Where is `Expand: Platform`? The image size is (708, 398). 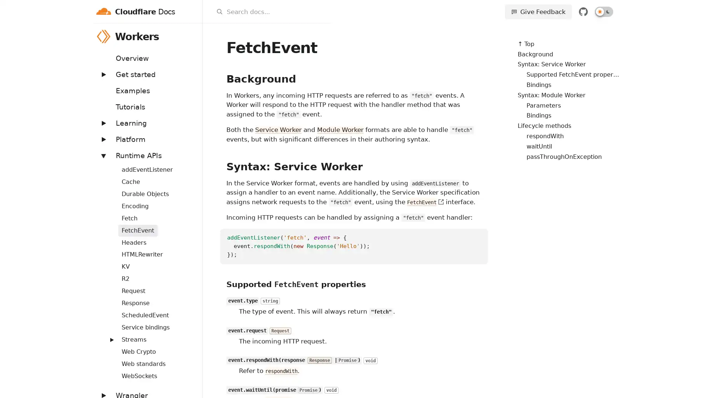
Expand: Platform is located at coordinates (103, 139).